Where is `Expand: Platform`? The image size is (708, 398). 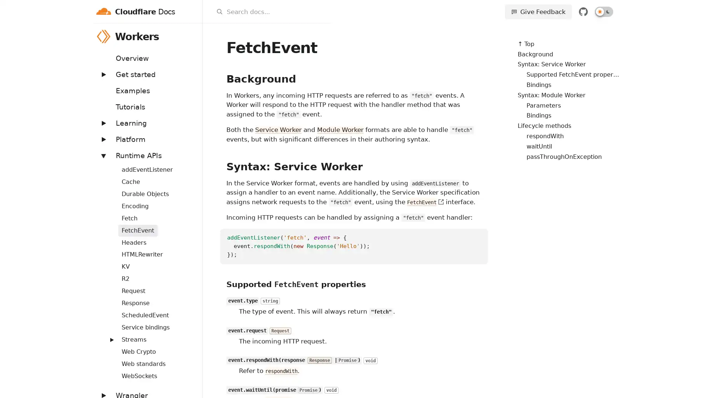
Expand: Platform is located at coordinates (103, 139).